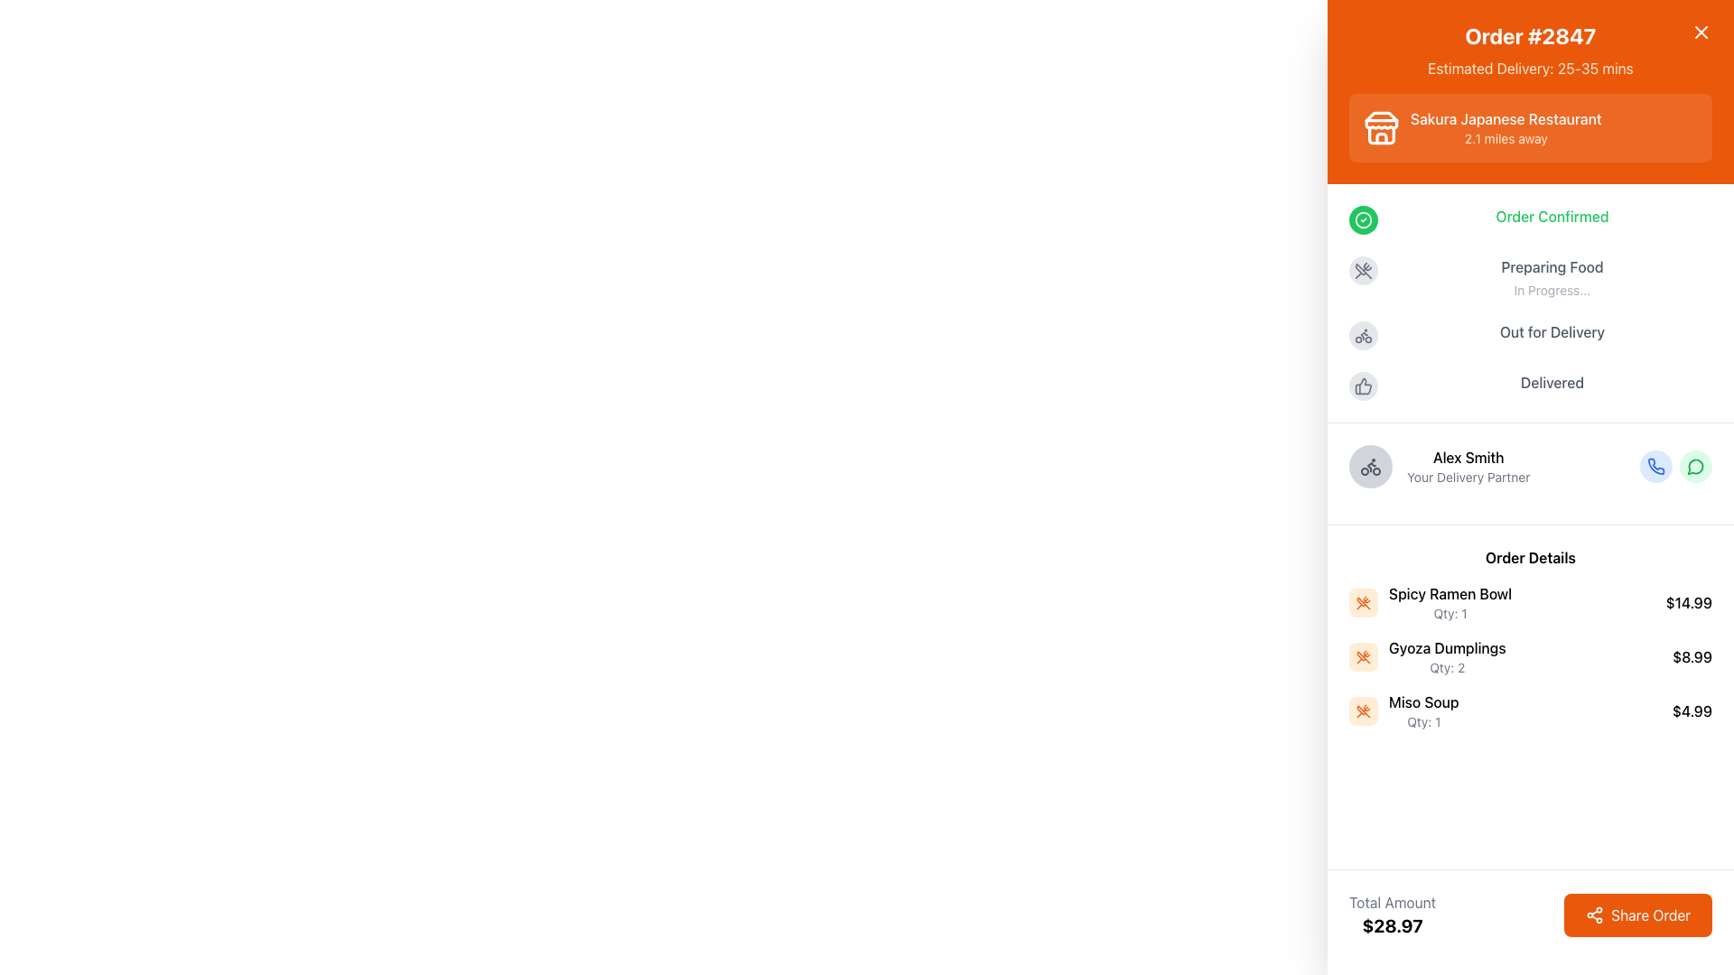  Describe the element at coordinates (1506, 138) in the screenshot. I see `static text displaying '2.1 miles away' located beneath the restaurant name 'Sakura Japanese Restaurant' in the upper section of the right sidebar` at that location.